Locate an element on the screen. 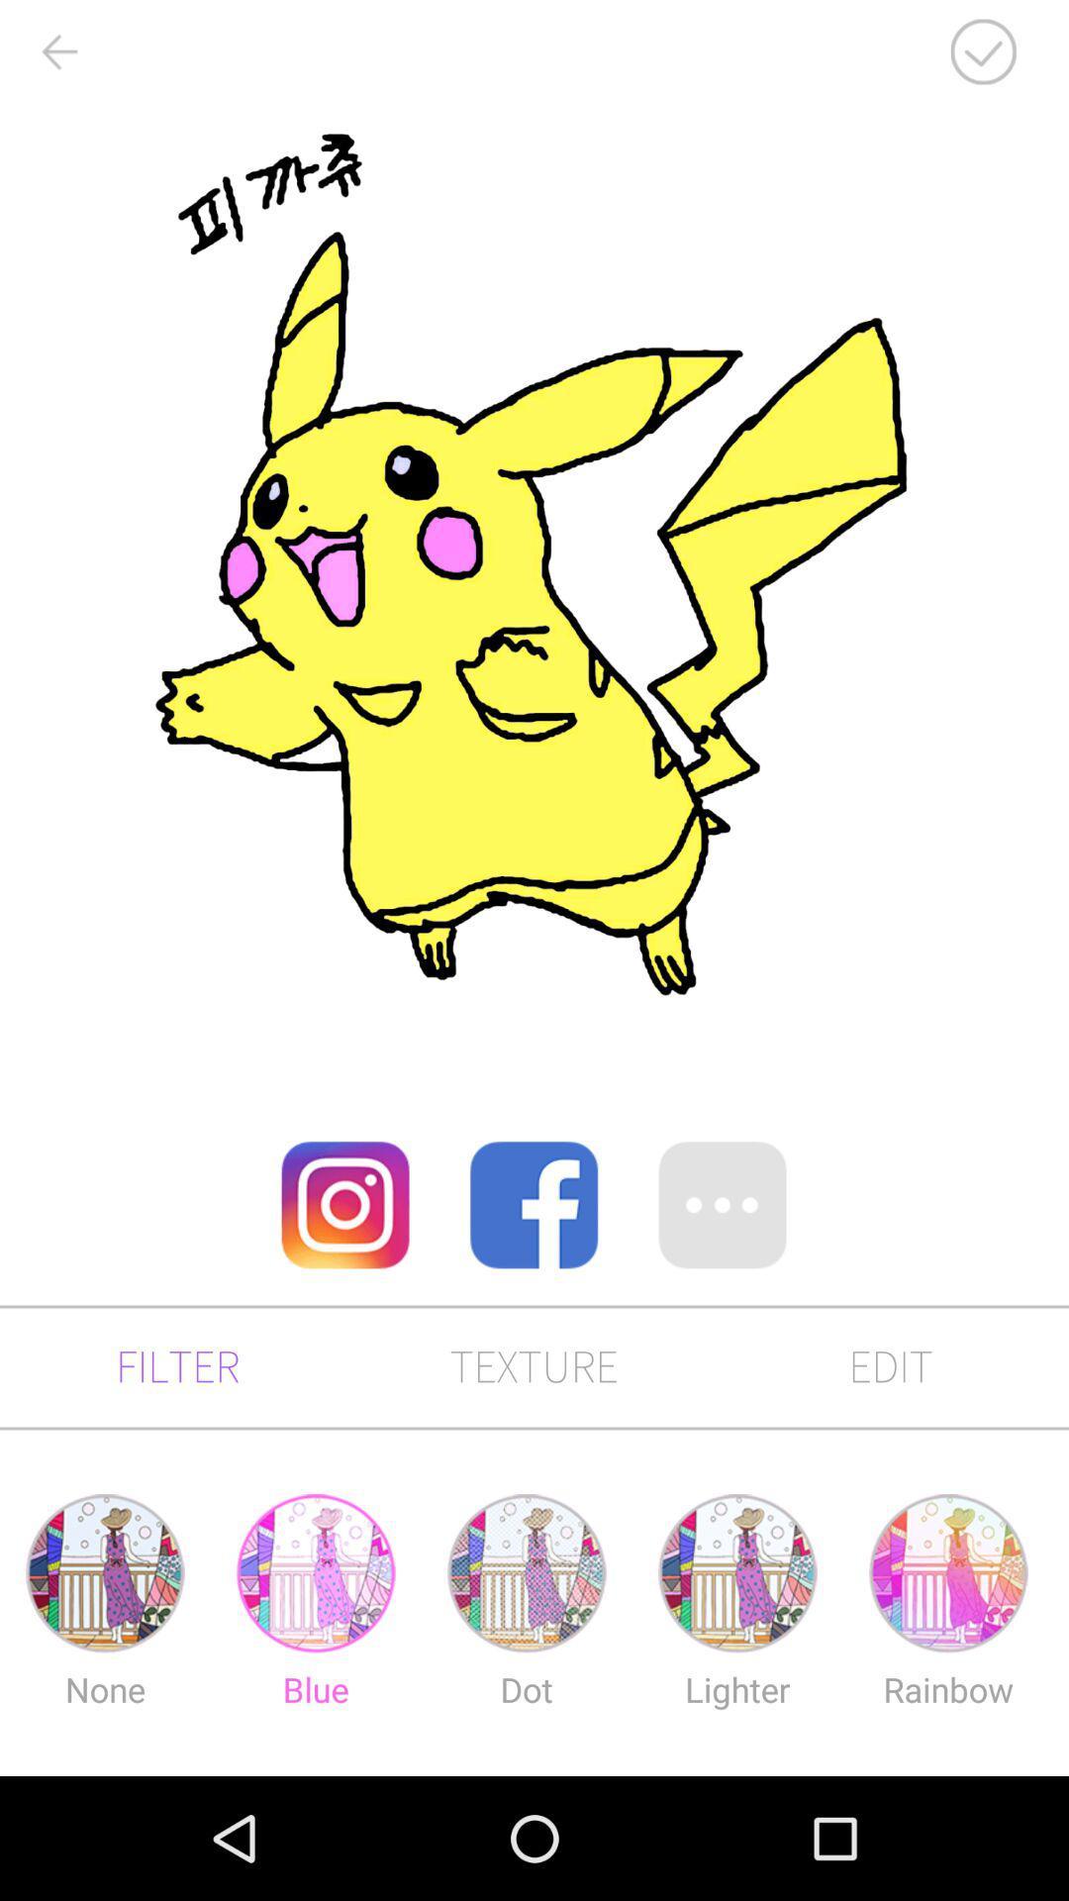 The image size is (1069, 1901). the item at the top left corner is located at coordinates (57, 51).